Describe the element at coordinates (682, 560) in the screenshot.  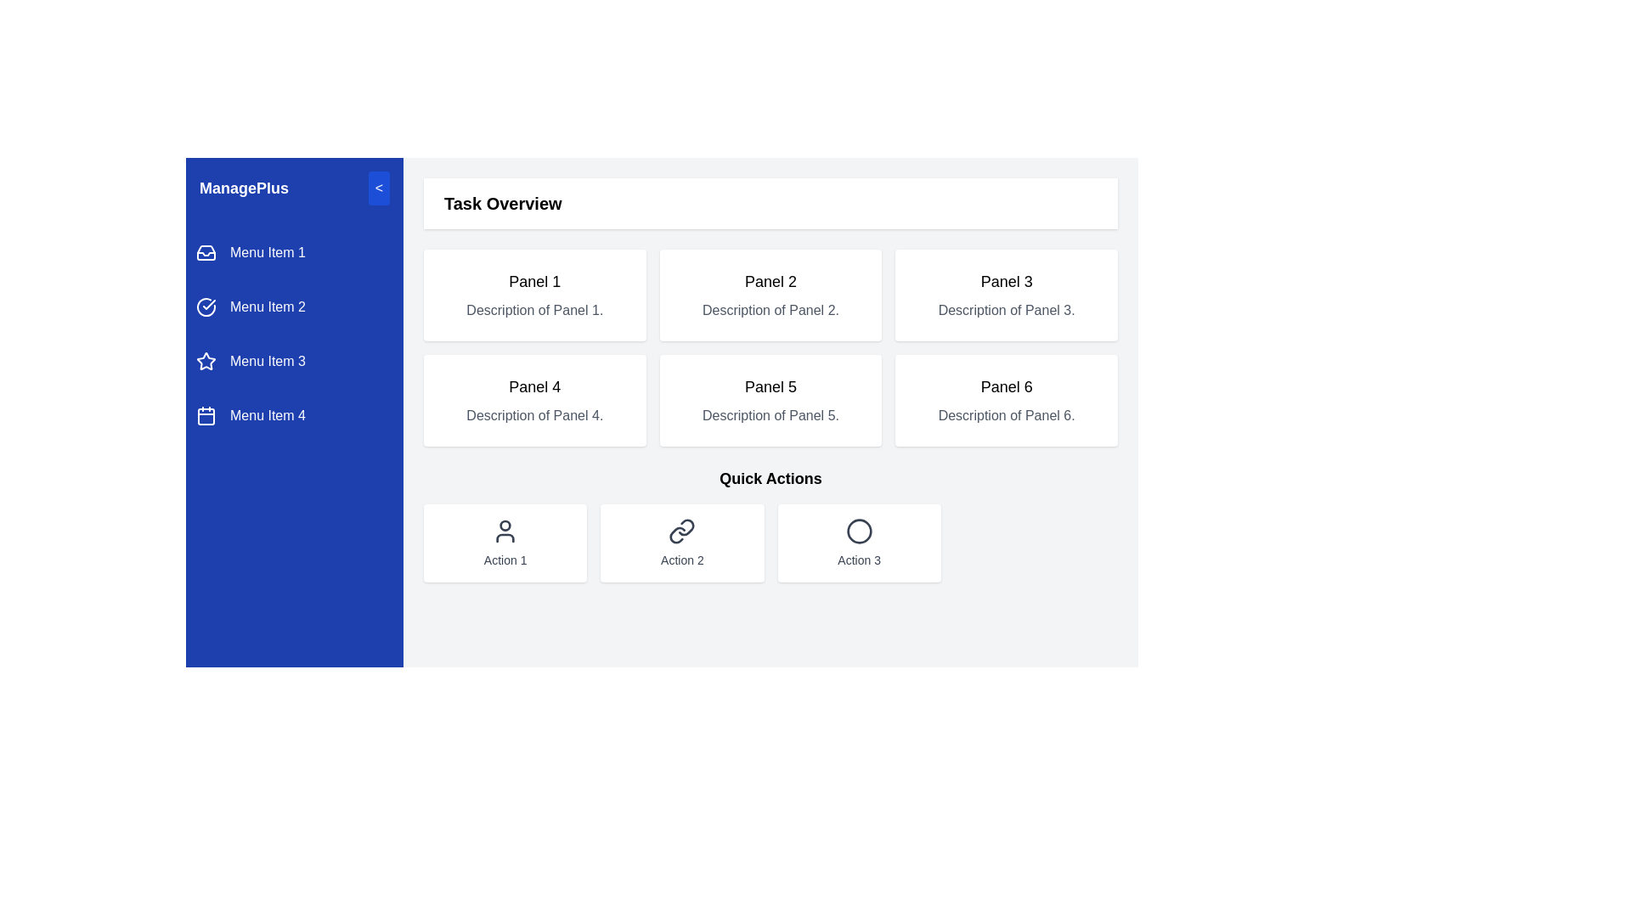
I see `the text label displaying 'Action 2', which is positioned below a link icon in the second box of the 'Quick Actions' section` at that location.